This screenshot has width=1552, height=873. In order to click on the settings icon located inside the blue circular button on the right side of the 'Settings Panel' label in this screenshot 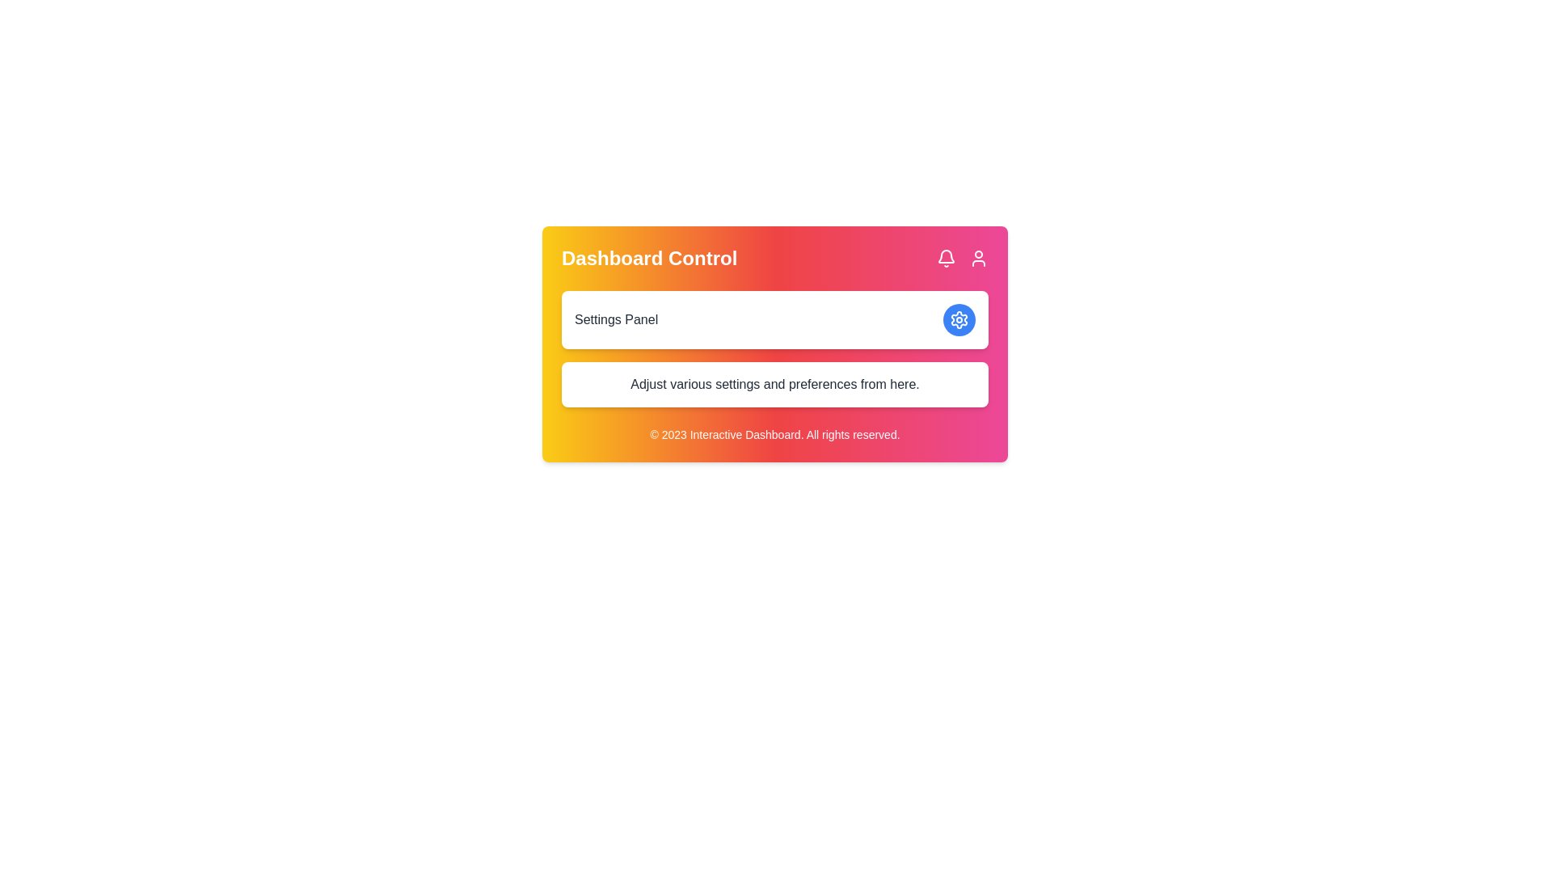, I will do `click(959, 320)`.